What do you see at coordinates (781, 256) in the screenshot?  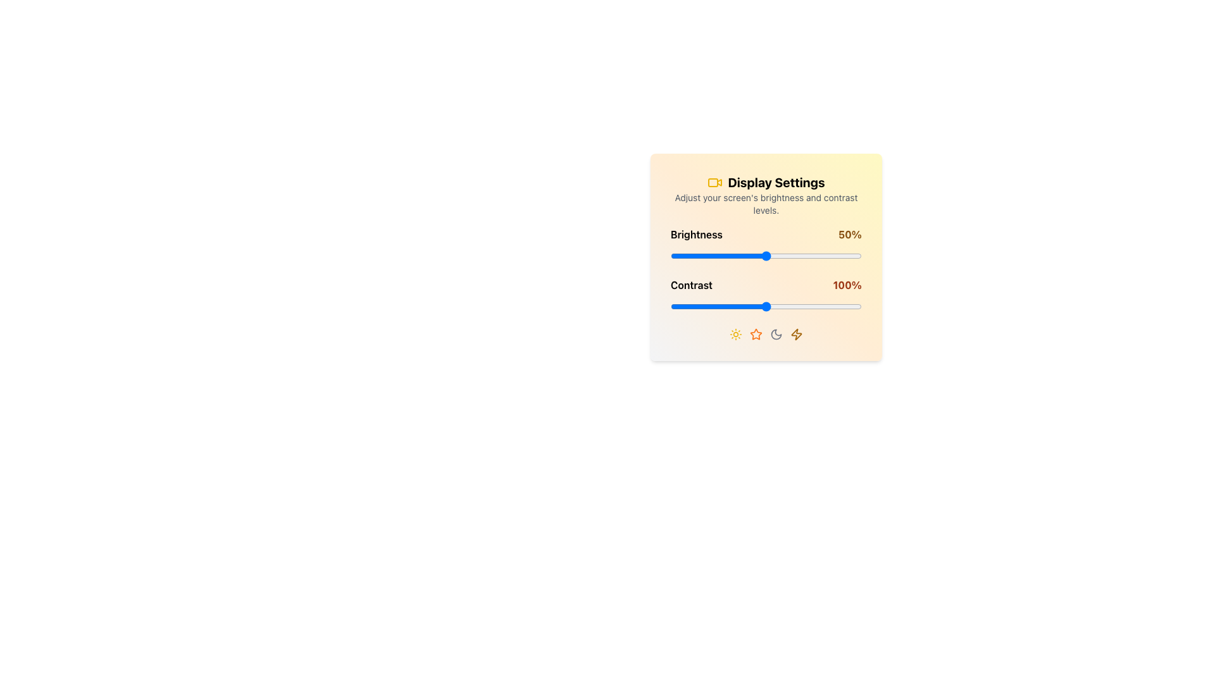 I see `brightness` at bounding box center [781, 256].